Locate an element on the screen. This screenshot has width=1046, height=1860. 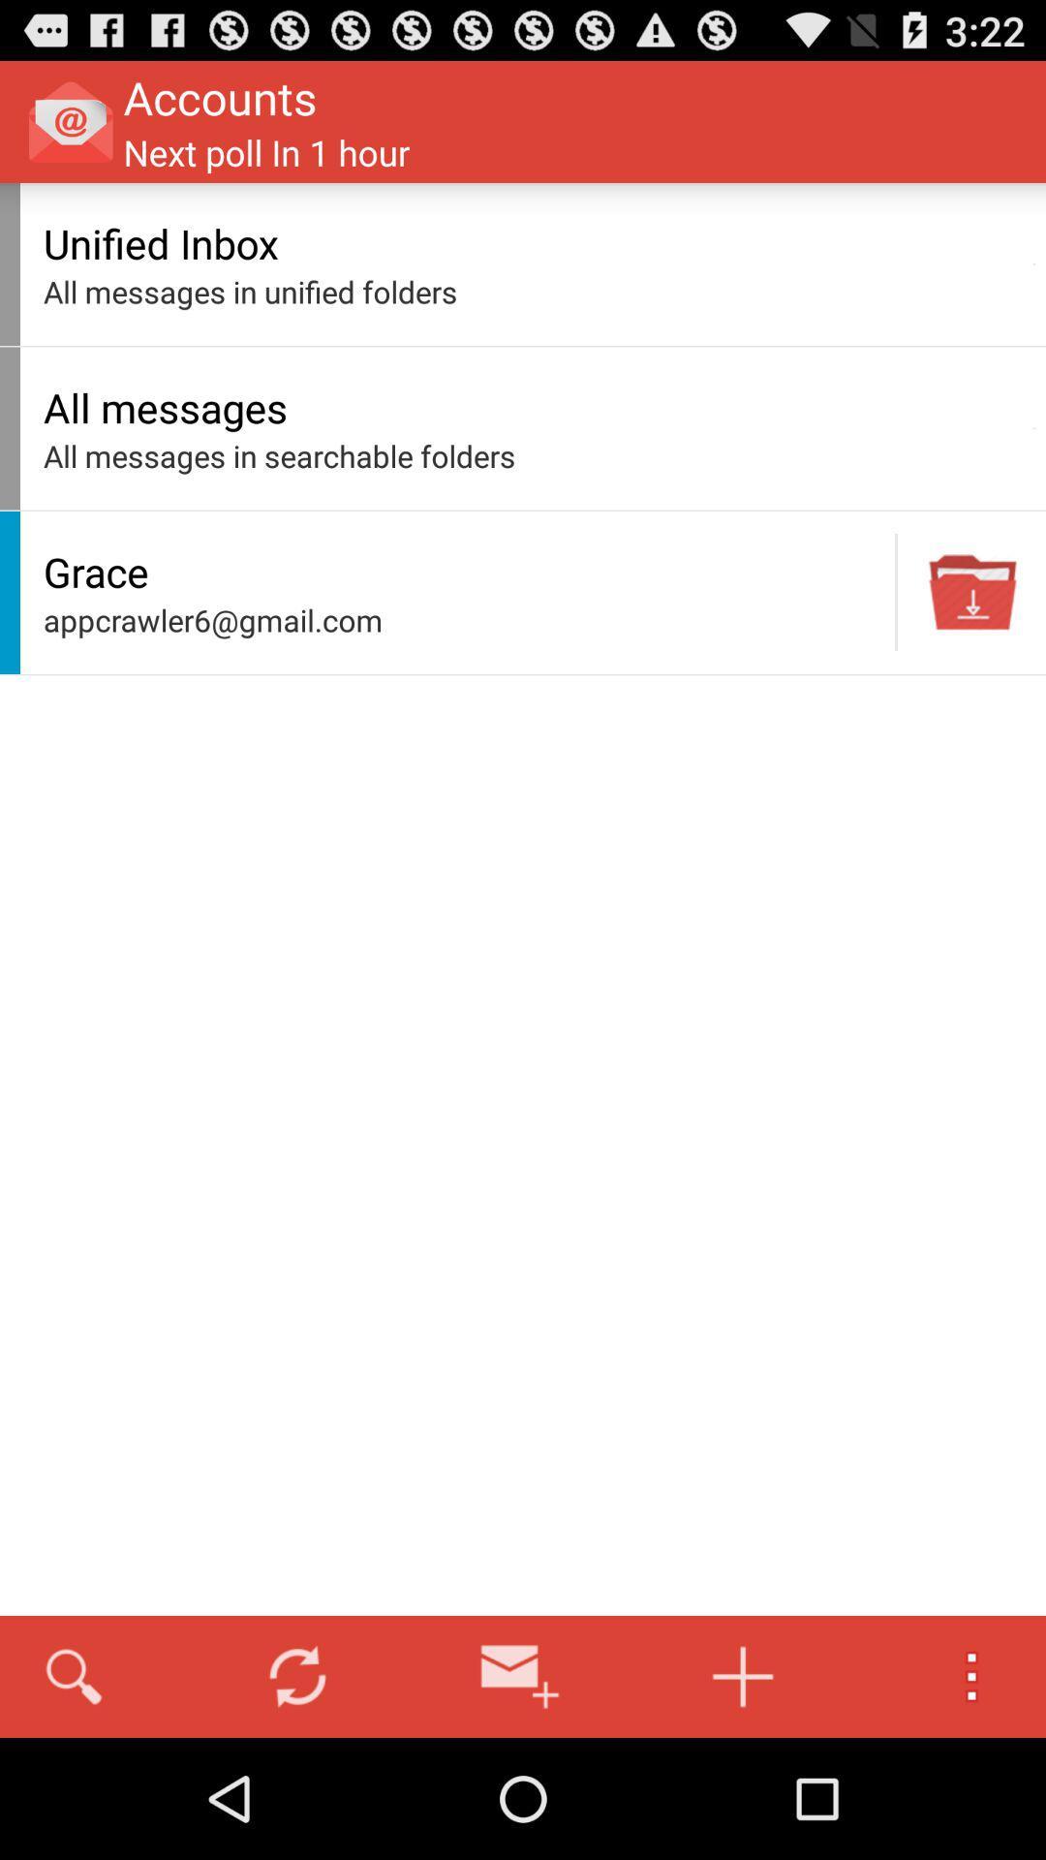
the app next to the grace icon is located at coordinates (896, 591).